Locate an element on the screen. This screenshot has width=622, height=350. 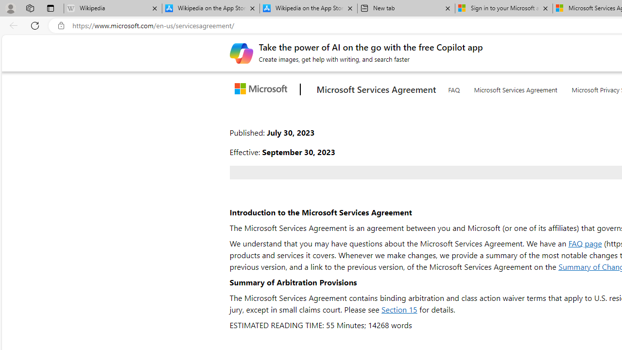
'Create images, get help with writing, and search faster' is located at coordinates (241, 53).